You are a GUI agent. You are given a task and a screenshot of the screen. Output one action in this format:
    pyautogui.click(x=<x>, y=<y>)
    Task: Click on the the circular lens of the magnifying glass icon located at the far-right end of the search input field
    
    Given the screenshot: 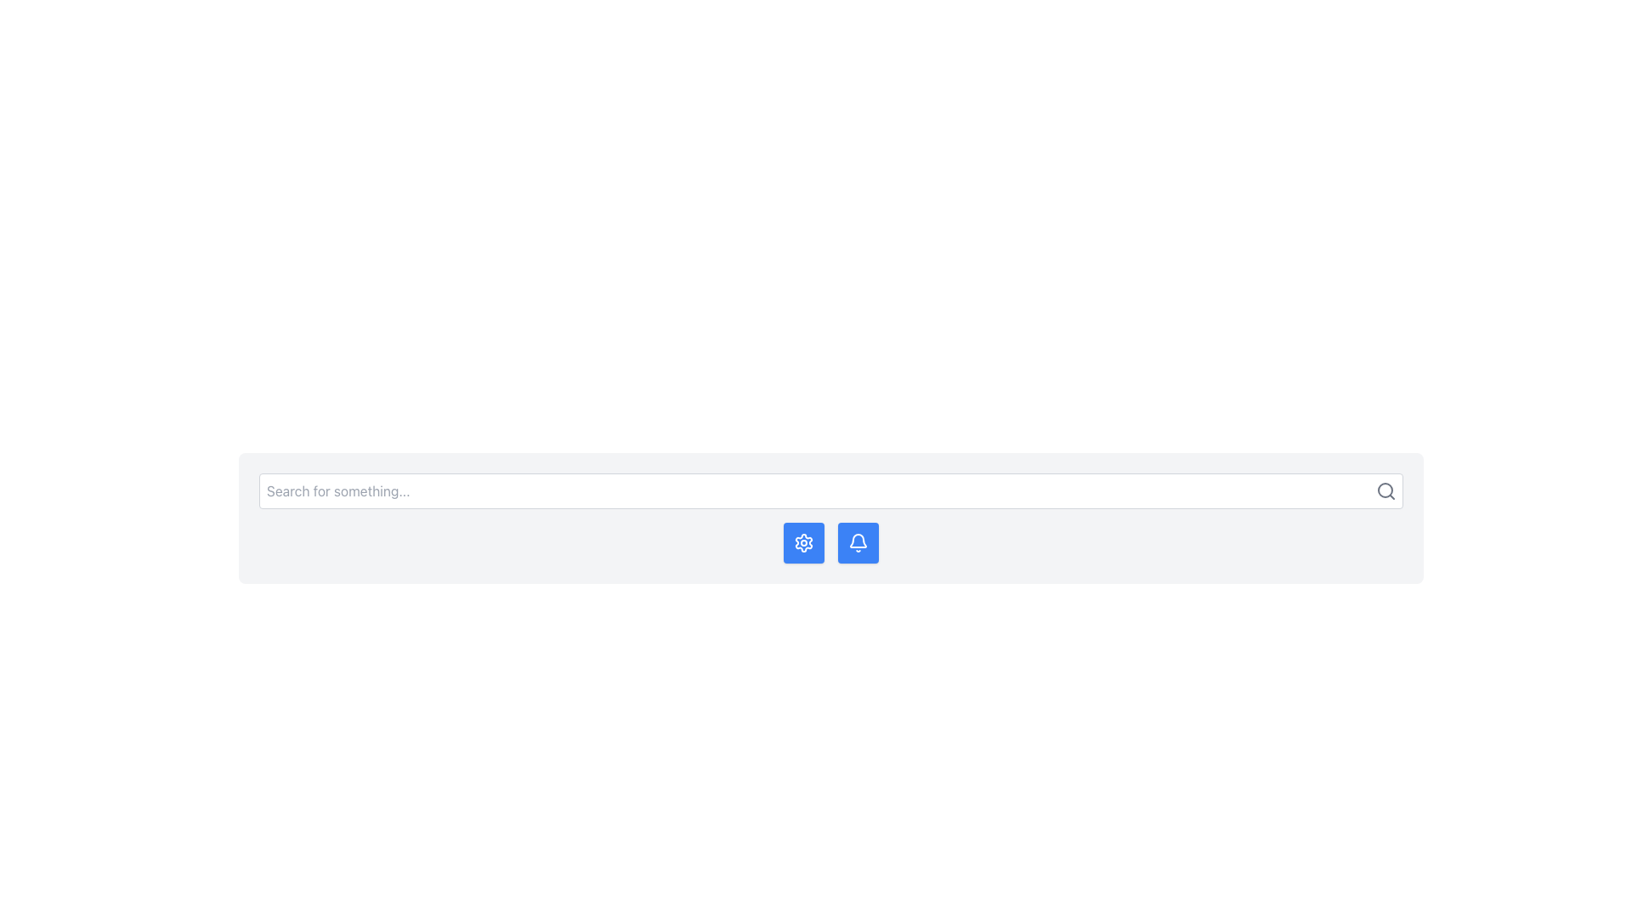 What is the action you would take?
    pyautogui.click(x=1385, y=490)
    